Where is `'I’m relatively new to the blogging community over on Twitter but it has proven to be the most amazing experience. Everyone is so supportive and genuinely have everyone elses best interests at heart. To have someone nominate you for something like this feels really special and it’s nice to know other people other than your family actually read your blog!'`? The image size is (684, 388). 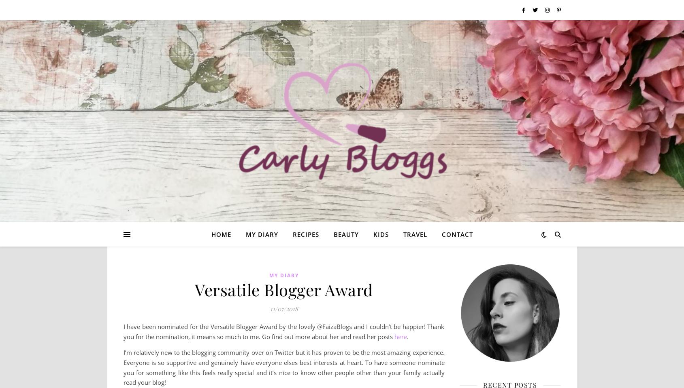
'I’m relatively new to the blogging community over on Twitter but it has proven to be the most amazing experience. Everyone is so supportive and genuinely have everyone elses best interests at heart. To have someone nominate you for something like this feels really special and it’s nice to know other people other than your family actually read your blog!' is located at coordinates (283, 367).